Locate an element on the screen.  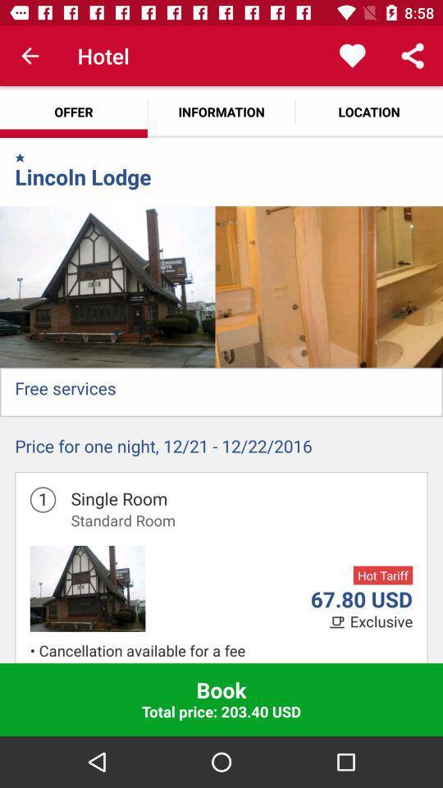
icon below the location is located at coordinates (409, 286).